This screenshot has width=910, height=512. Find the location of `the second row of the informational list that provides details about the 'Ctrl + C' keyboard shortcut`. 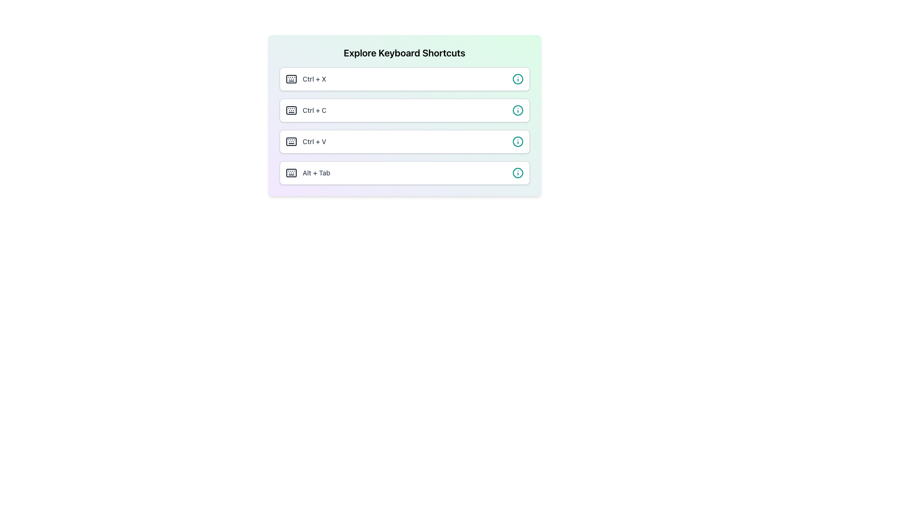

the second row of the informational list that provides details about the 'Ctrl + C' keyboard shortcut is located at coordinates (404, 110).